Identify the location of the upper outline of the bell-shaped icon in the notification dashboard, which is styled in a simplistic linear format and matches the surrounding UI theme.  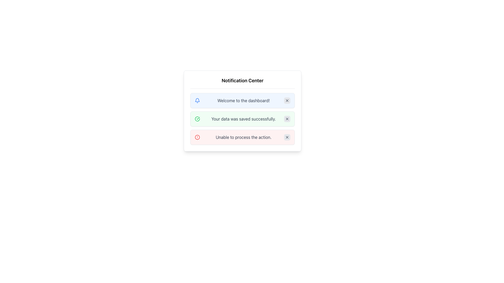
(197, 100).